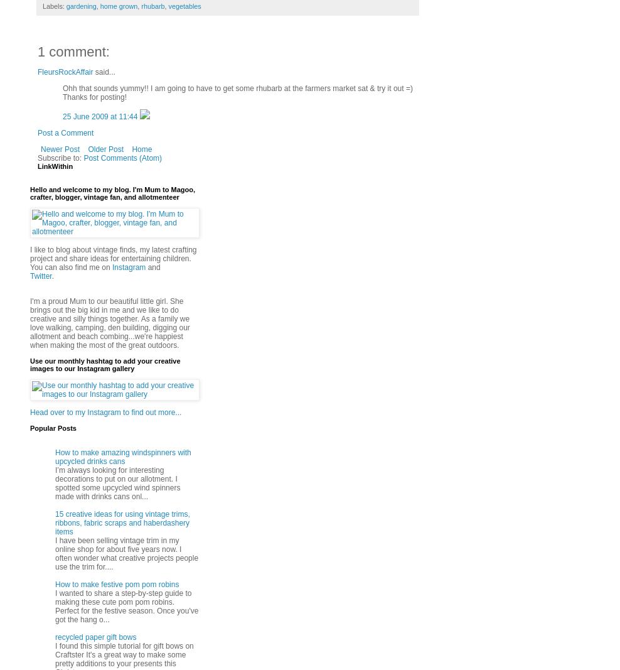 This screenshot has width=620, height=670. Describe the element at coordinates (129, 267) in the screenshot. I see `'Instagram'` at that location.